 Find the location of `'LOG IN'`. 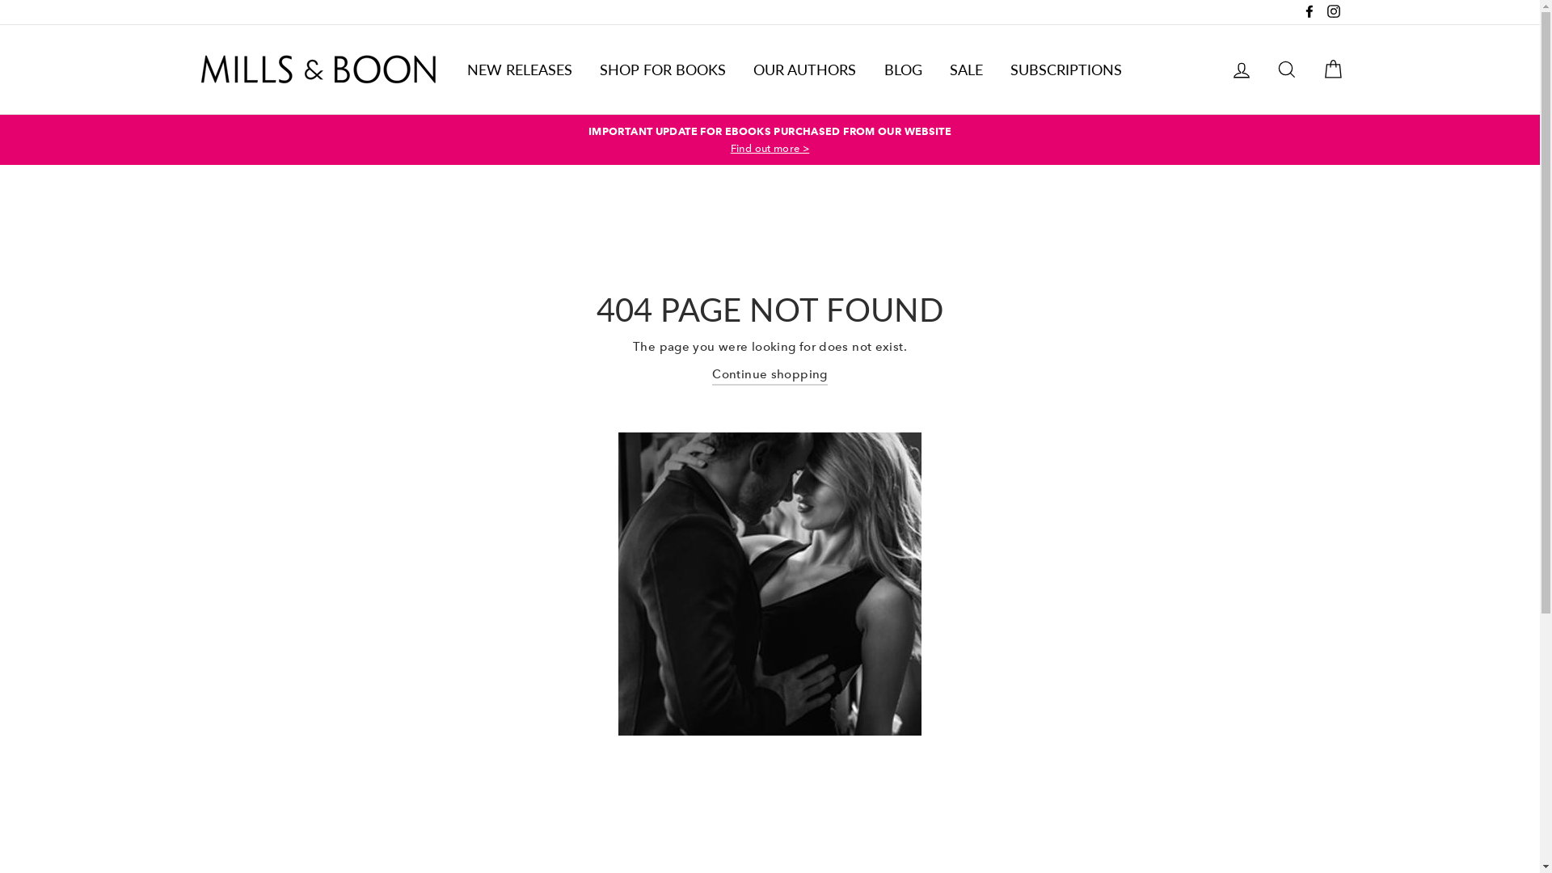

'LOG IN' is located at coordinates (1241, 69).